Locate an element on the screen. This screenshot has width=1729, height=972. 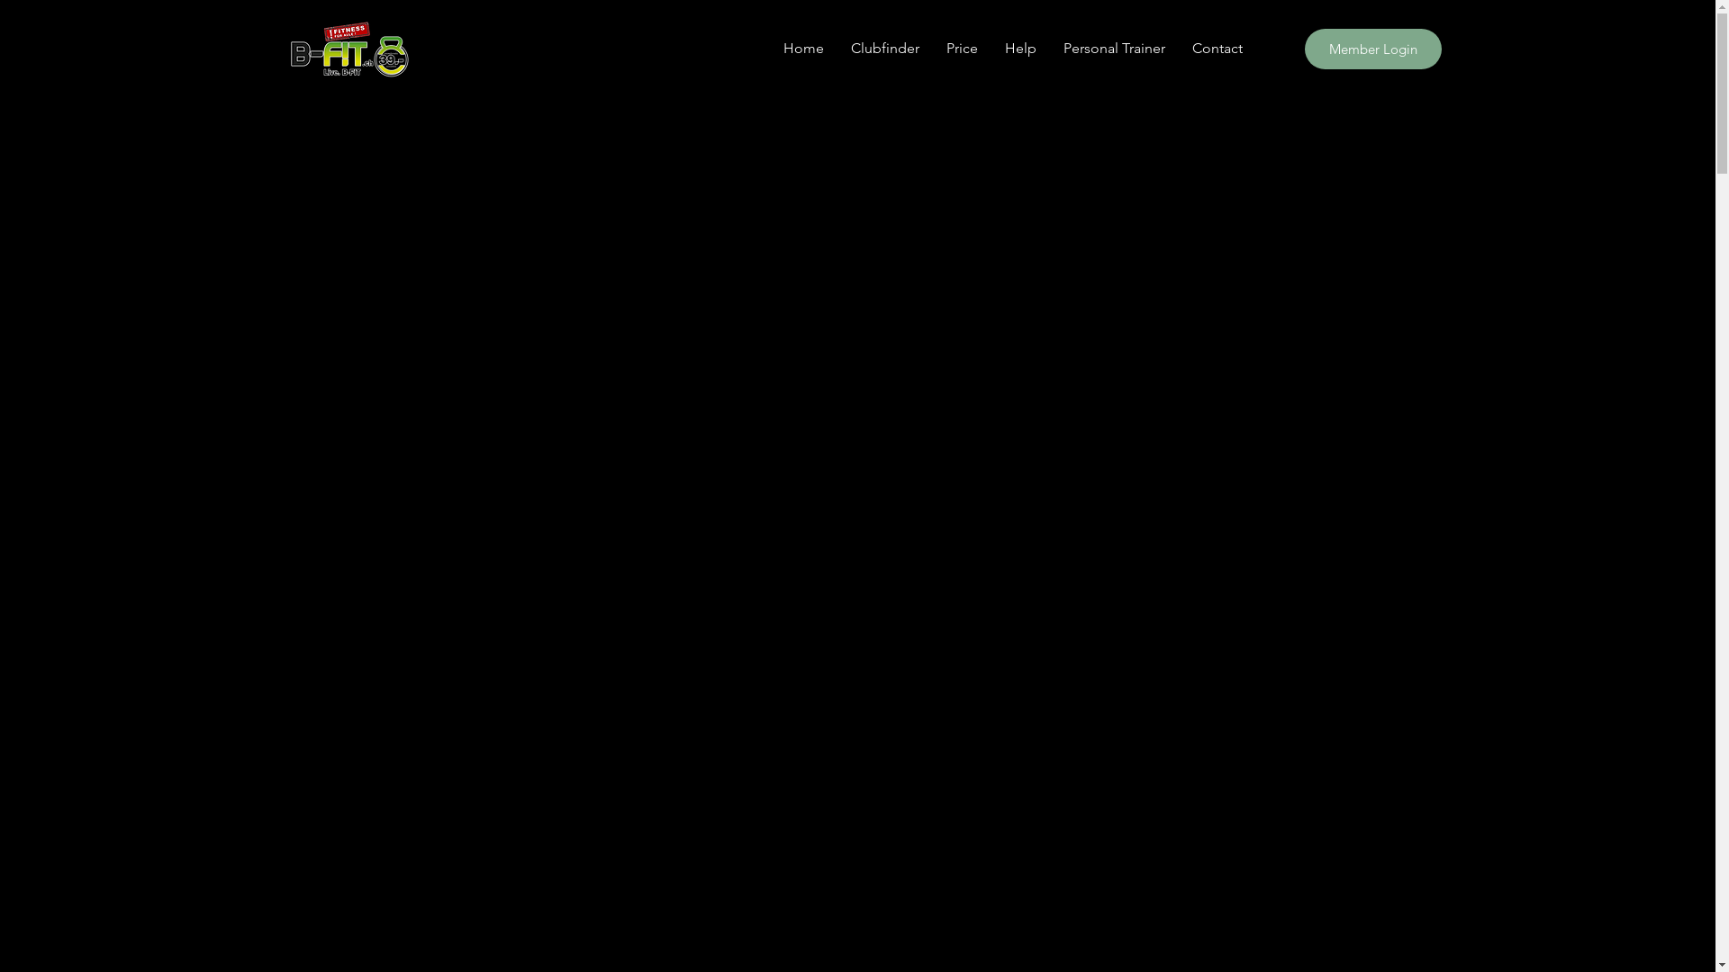
'Home' is located at coordinates (801, 48).